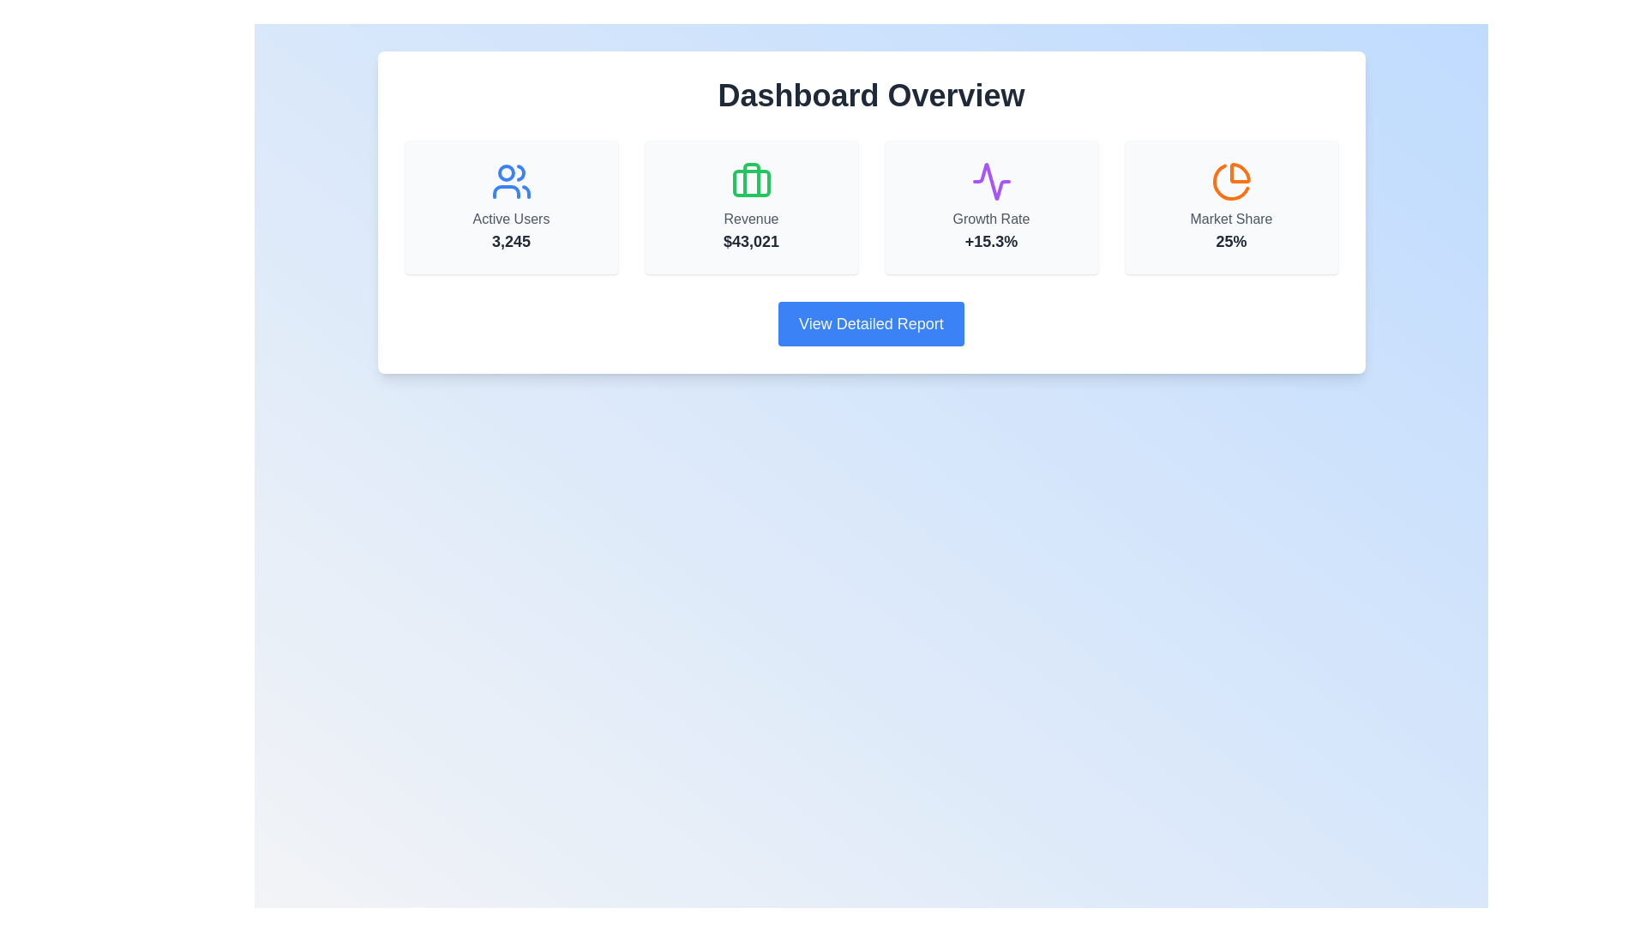 The image size is (1646, 926). Describe the element at coordinates (510, 218) in the screenshot. I see `the text label indicating 'Active Users' which is positioned below the blue user icon and above the number '3,245'` at that location.